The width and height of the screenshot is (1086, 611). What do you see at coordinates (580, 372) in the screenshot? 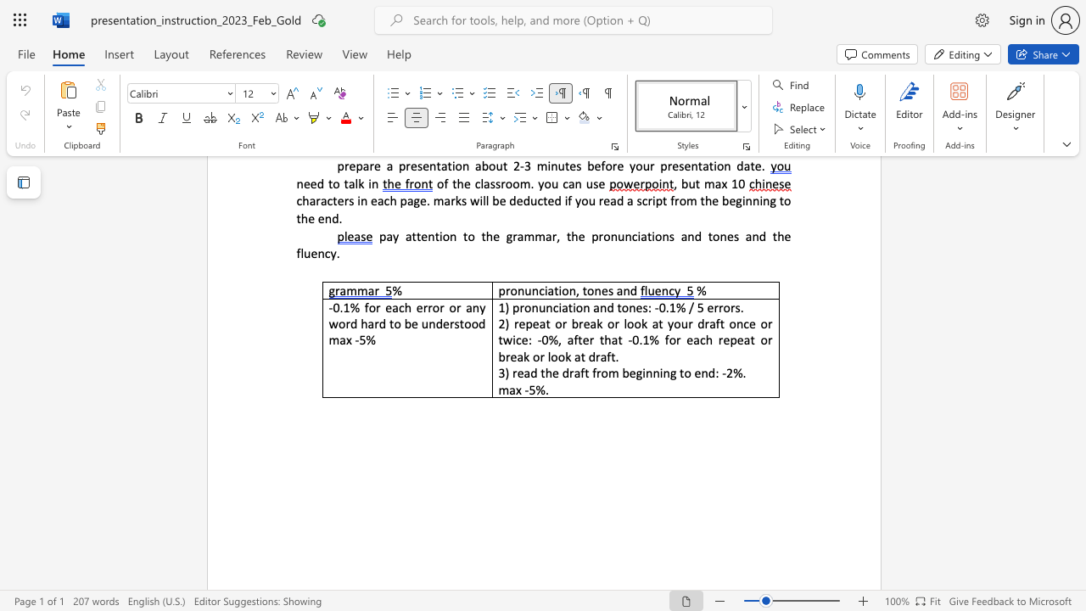
I see `the subset text "ft from beginn" within the text "3) read the draft from beginning to end: -2%."` at bounding box center [580, 372].